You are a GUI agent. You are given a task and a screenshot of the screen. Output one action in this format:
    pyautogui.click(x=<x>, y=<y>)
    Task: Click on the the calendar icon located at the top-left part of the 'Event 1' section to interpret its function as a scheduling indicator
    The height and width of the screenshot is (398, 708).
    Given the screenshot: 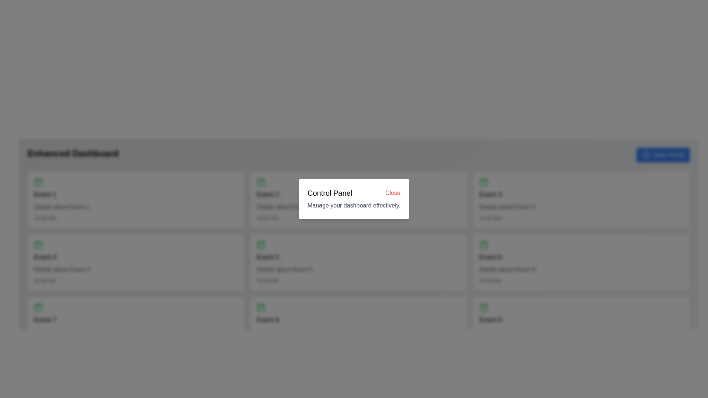 What is the action you would take?
    pyautogui.click(x=38, y=182)
    